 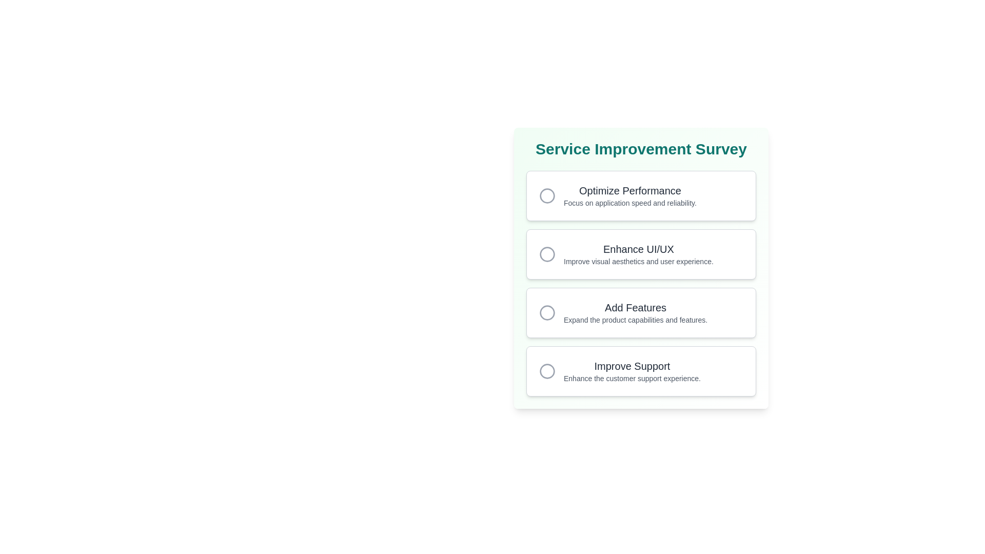 What do you see at coordinates (632, 365) in the screenshot?
I see `the Text element that serves as the title or heading for the survey option, which is positioned at the bottom of the survey section, above a descriptive text` at bounding box center [632, 365].